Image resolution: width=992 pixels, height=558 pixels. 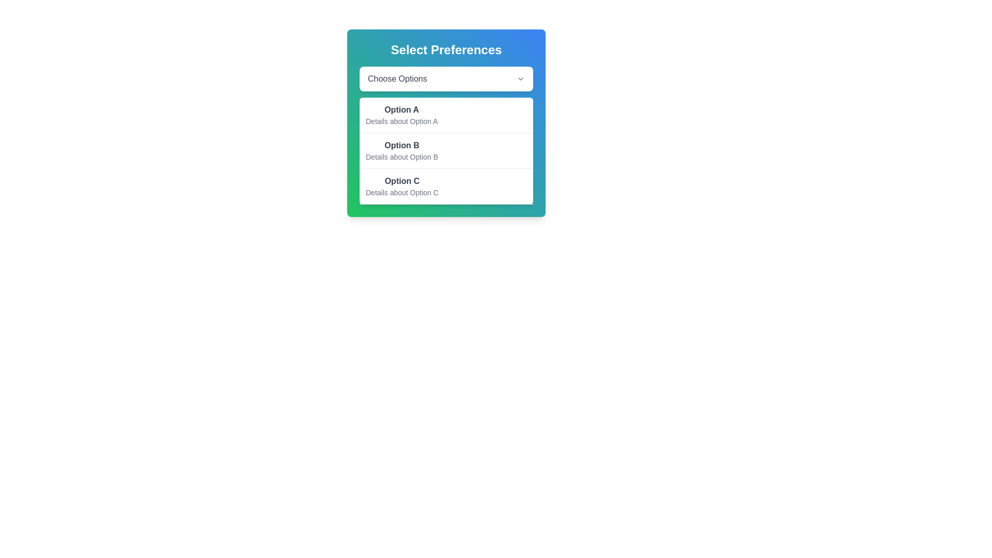 I want to click on the text label 'Details about Option A', which is styled in gray and positioned directly below the bolded label 'Option A' in the drop-down menu under 'Select Preferences', so click(x=401, y=121).